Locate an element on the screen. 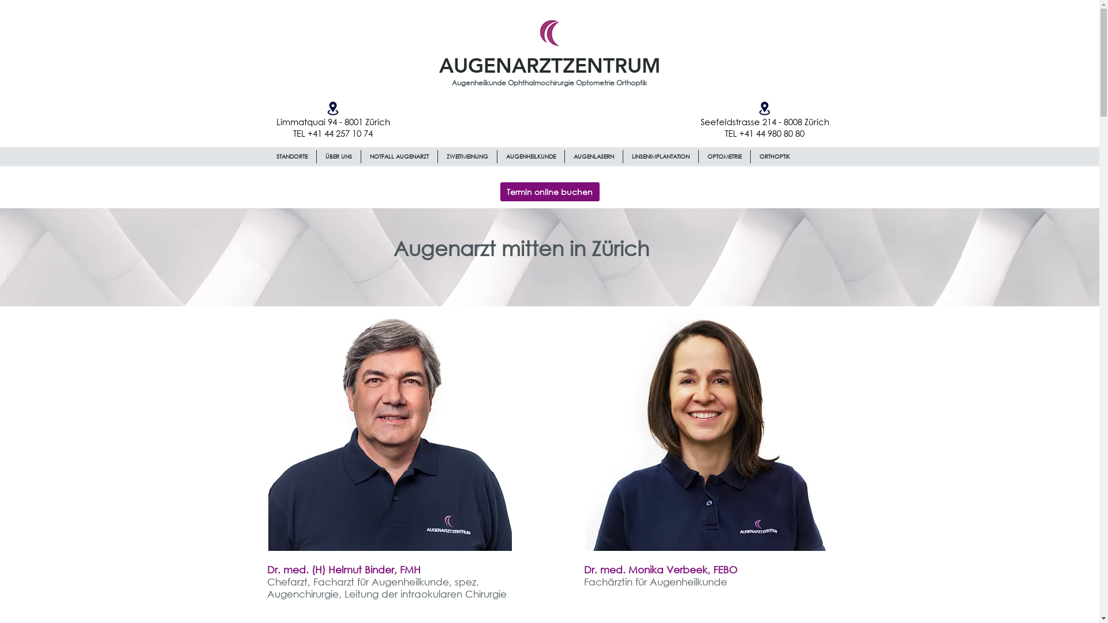 This screenshot has height=623, width=1108. 'ZWEITMEINUNG' is located at coordinates (467, 156).